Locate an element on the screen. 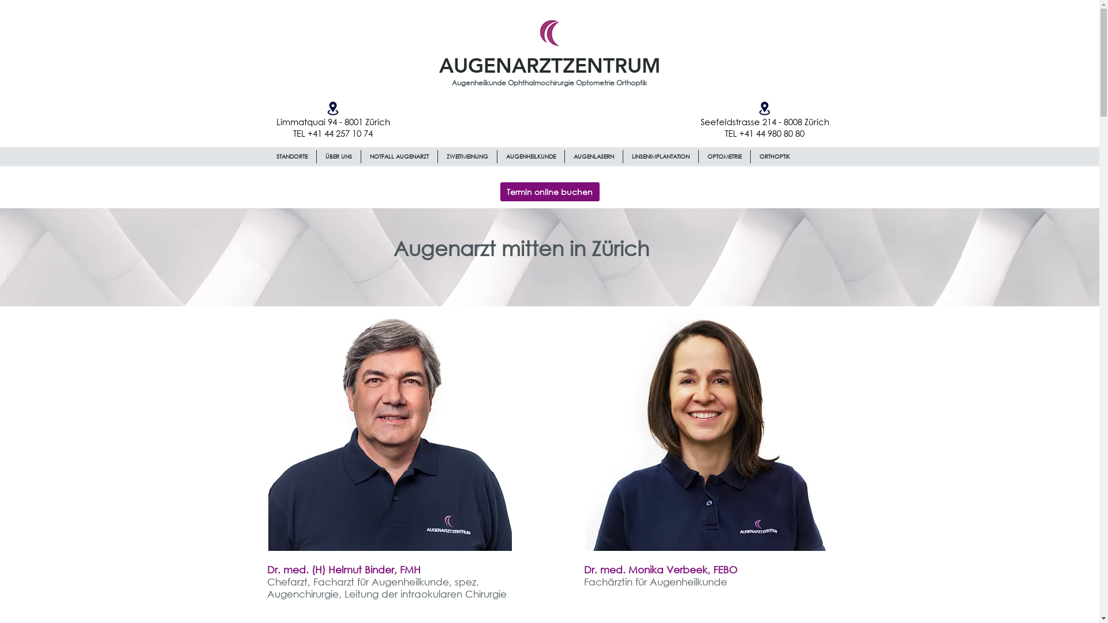 This screenshot has height=623, width=1108. 'ZWEITMEINUNG' is located at coordinates (467, 156).